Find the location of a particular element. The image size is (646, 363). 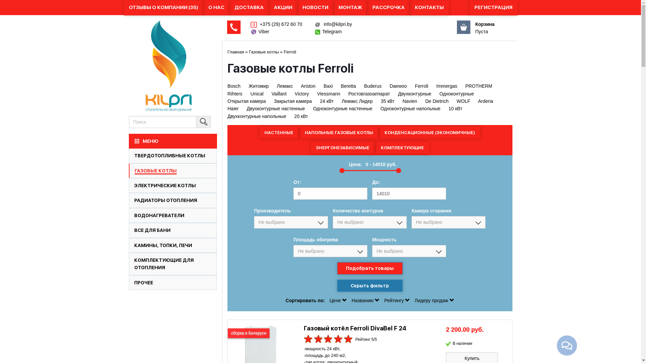

'Viber' is located at coordinates (263, 31).